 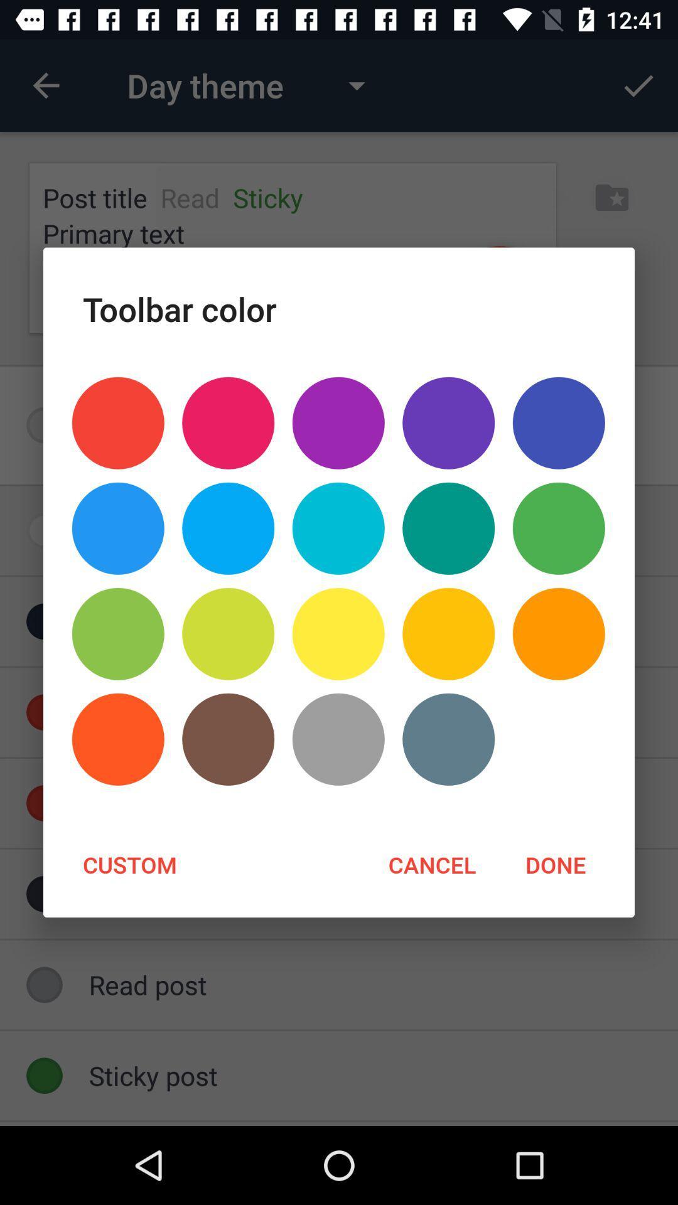 I want to click on icon below toolbar color icon, so click(x=558, y=423).